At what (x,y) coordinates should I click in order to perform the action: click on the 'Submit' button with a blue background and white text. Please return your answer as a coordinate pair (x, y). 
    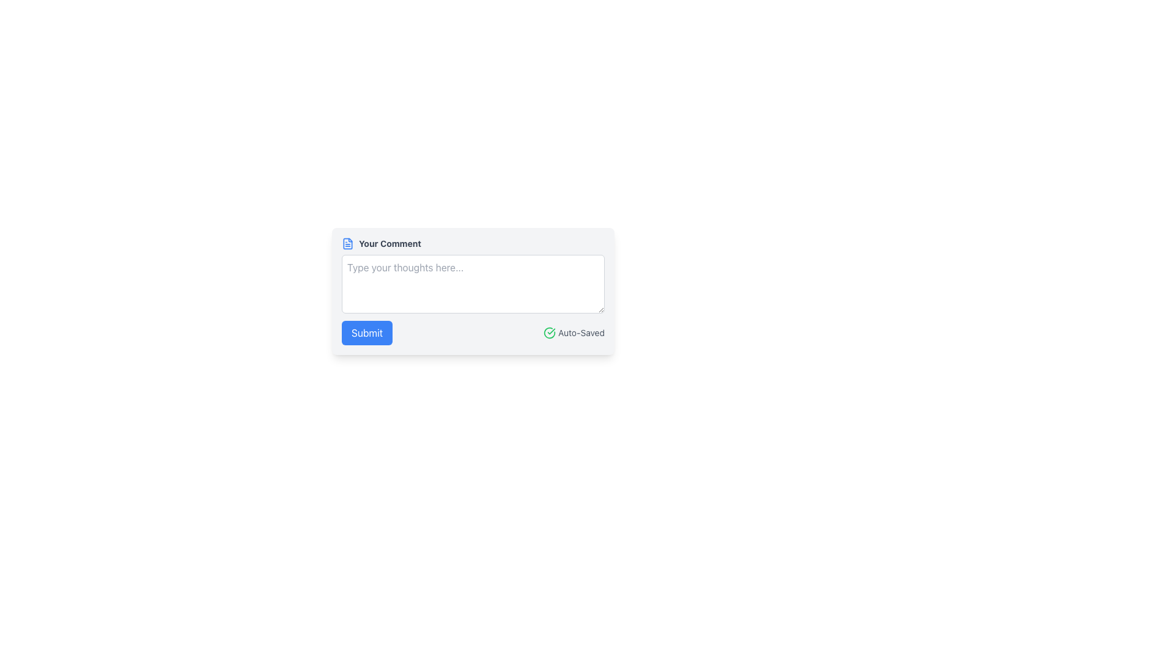
    Looking at the image, I should click on (366, 332).